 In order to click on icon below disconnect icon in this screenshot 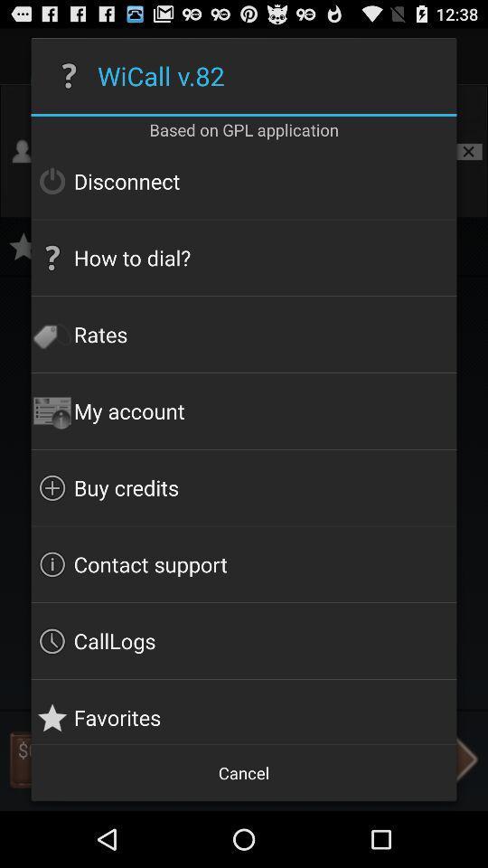, I will do `click(244, 257)`.